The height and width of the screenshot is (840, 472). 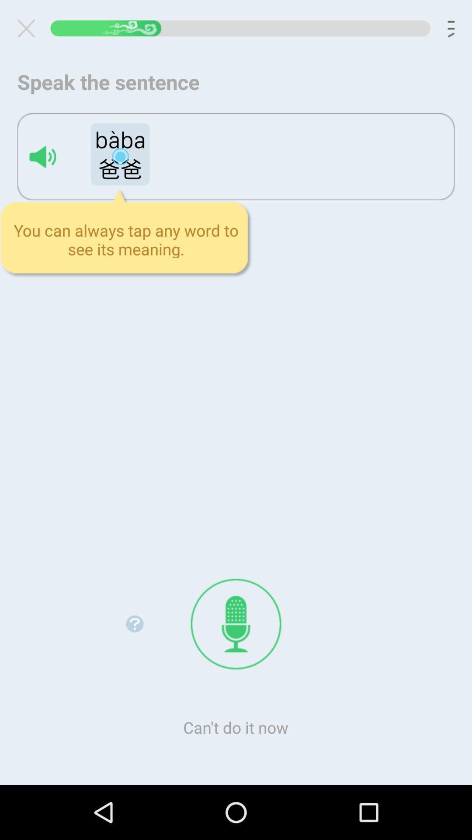 I want to click on the page, so click(x=29, y=28).